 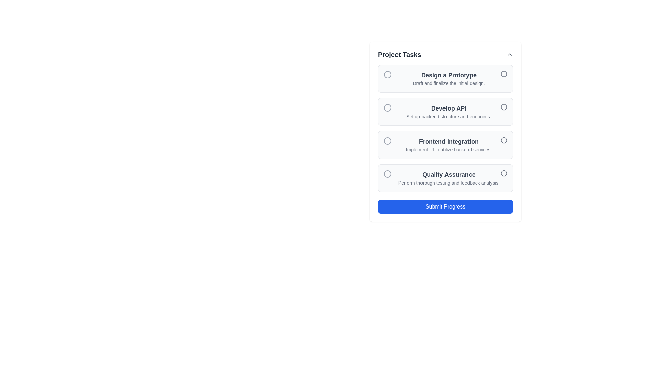 What do you see at coordinates (449, 182) in the screenshot?
I see `the non-interactive text label providing explanatory content for the task titled 'Quality Assurance', which is positioned below the larger header 'Quality Assurance'` at bounding box center [449, 182].